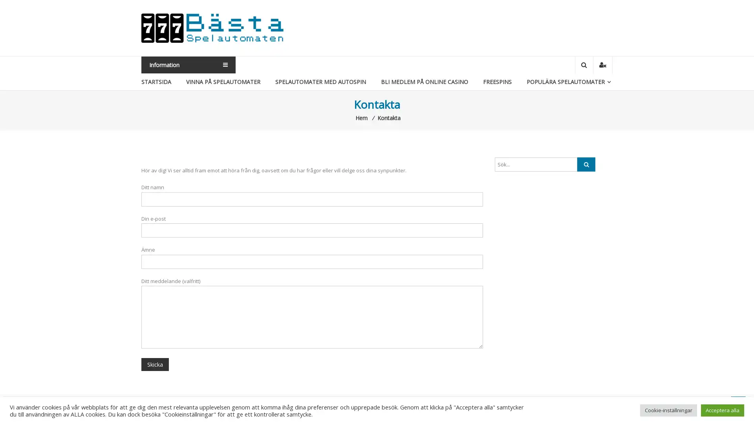 The image size is (754, 424). I want to click on Acceptera alla, so click(722, 410).